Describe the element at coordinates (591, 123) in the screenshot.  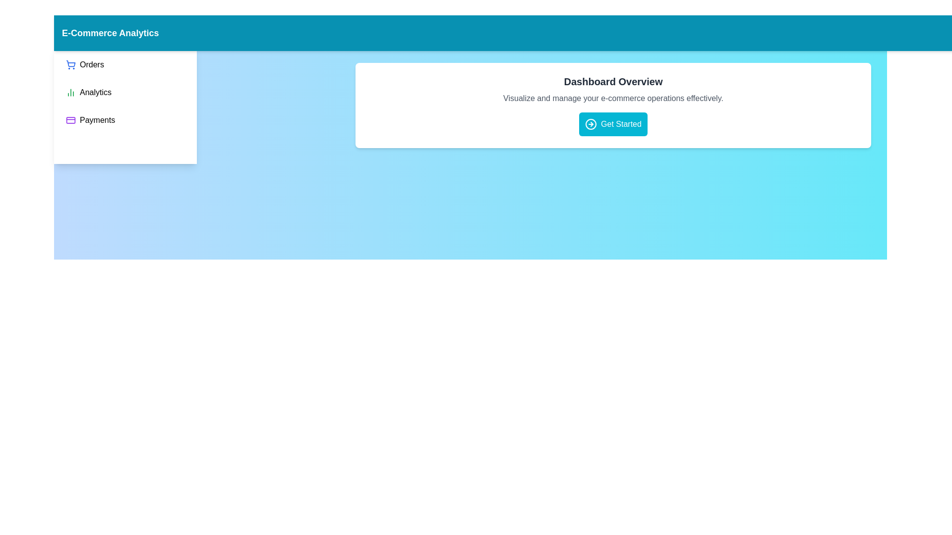
I see `the SVG graphical element (circle) that is located at the center of the navigation button in the 'Dashboard Overview' card` at that location.